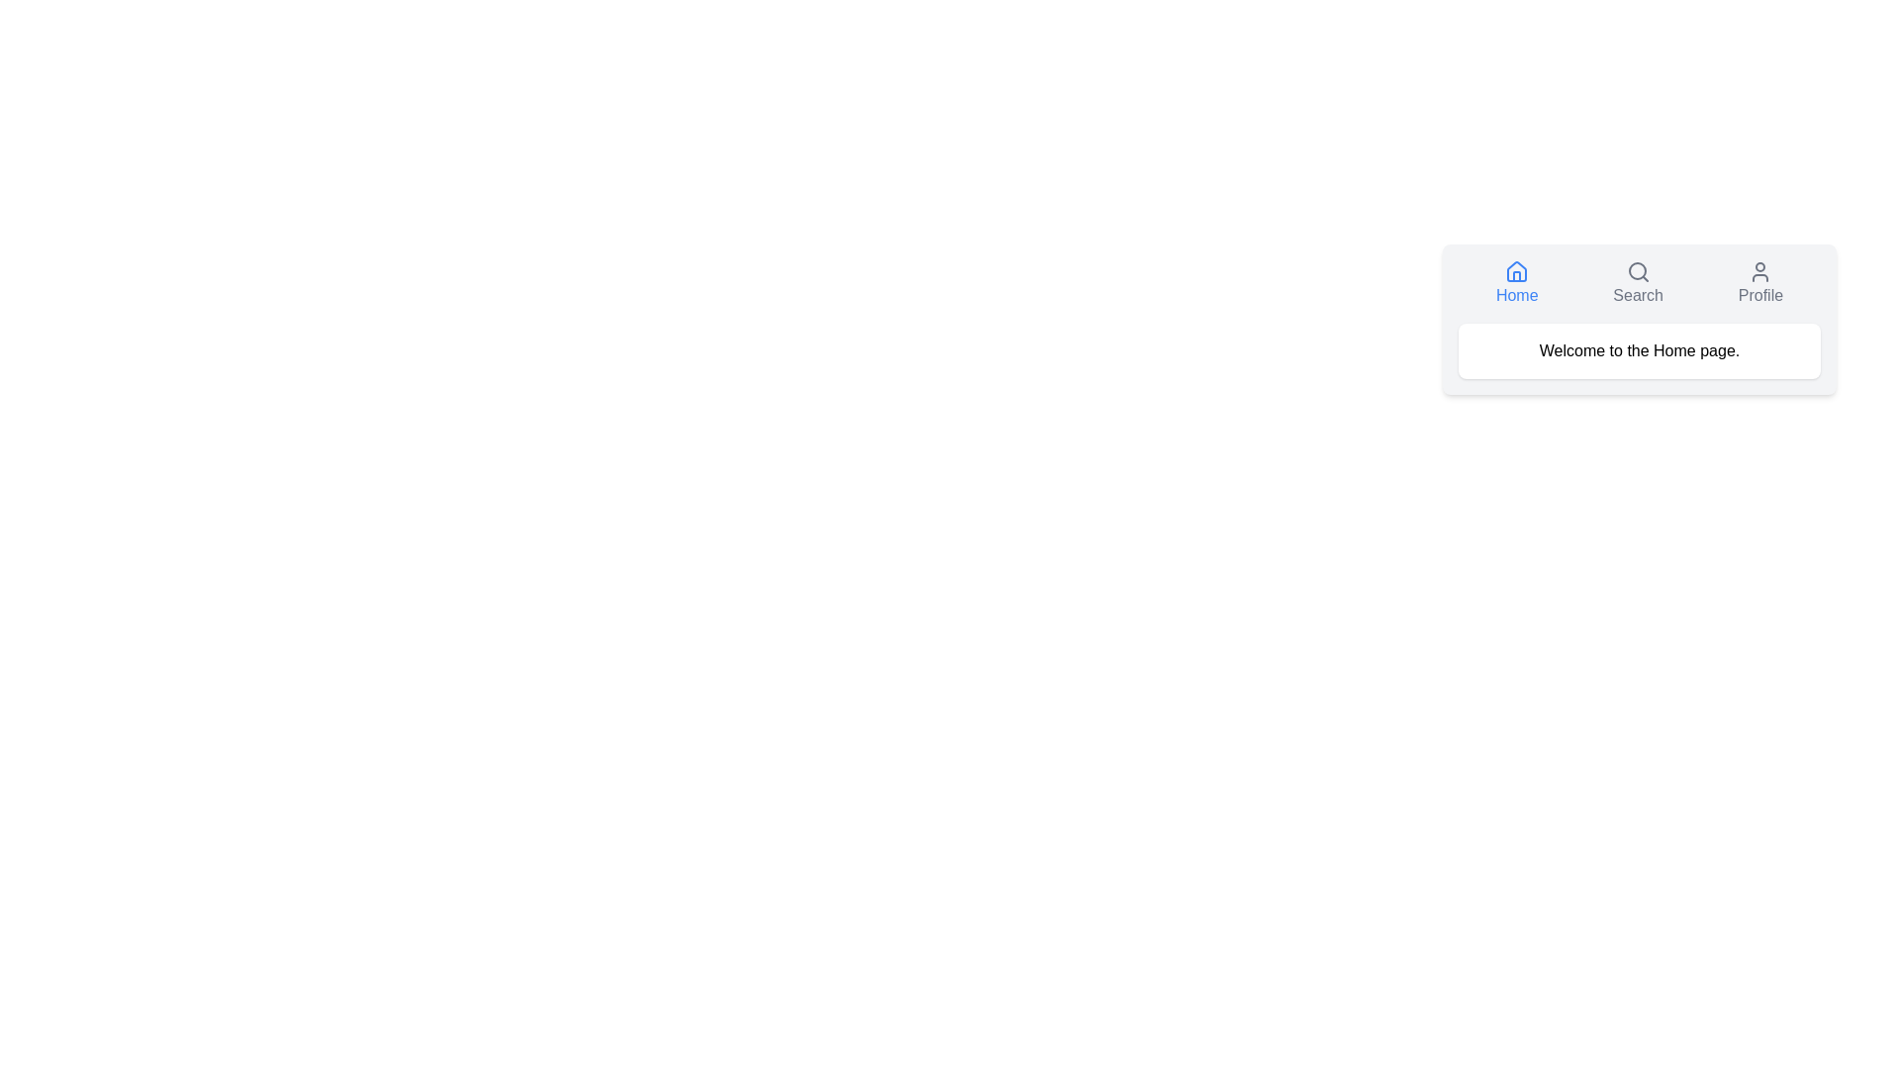 The height and width of the screenshot is (1069, 1900). What do you see at coordinates (1516, 296) in the screenshot?
I see `text label displaying 'Home' in blue font, positioned below the house-shaped icon in the top-right navigation bar` at bounding box center [1516, 296].